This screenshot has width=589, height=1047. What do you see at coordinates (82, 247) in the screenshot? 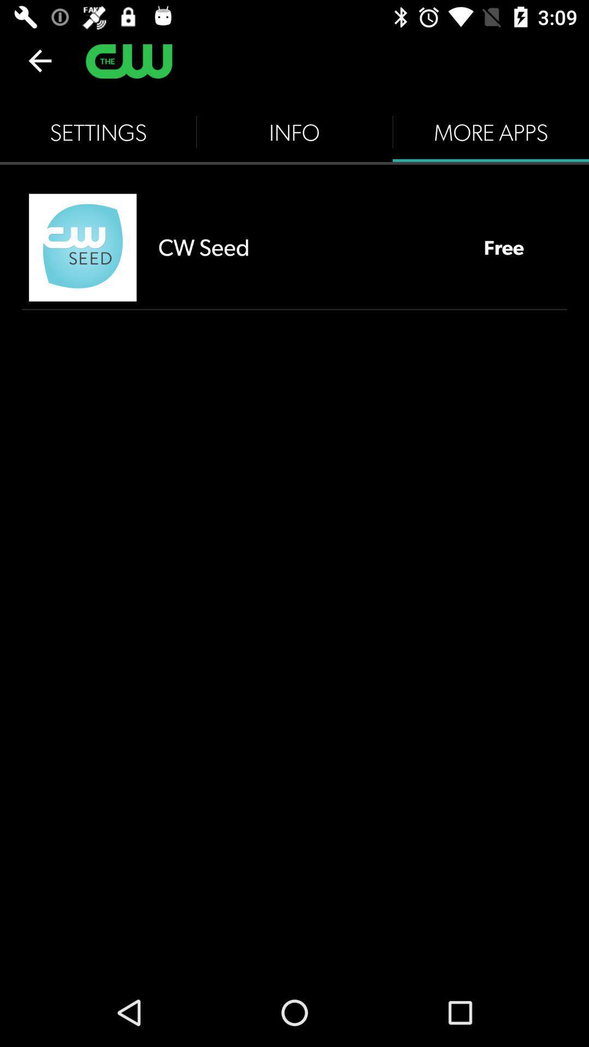
I see `item below settings icon` at bounding box center [82, 247].